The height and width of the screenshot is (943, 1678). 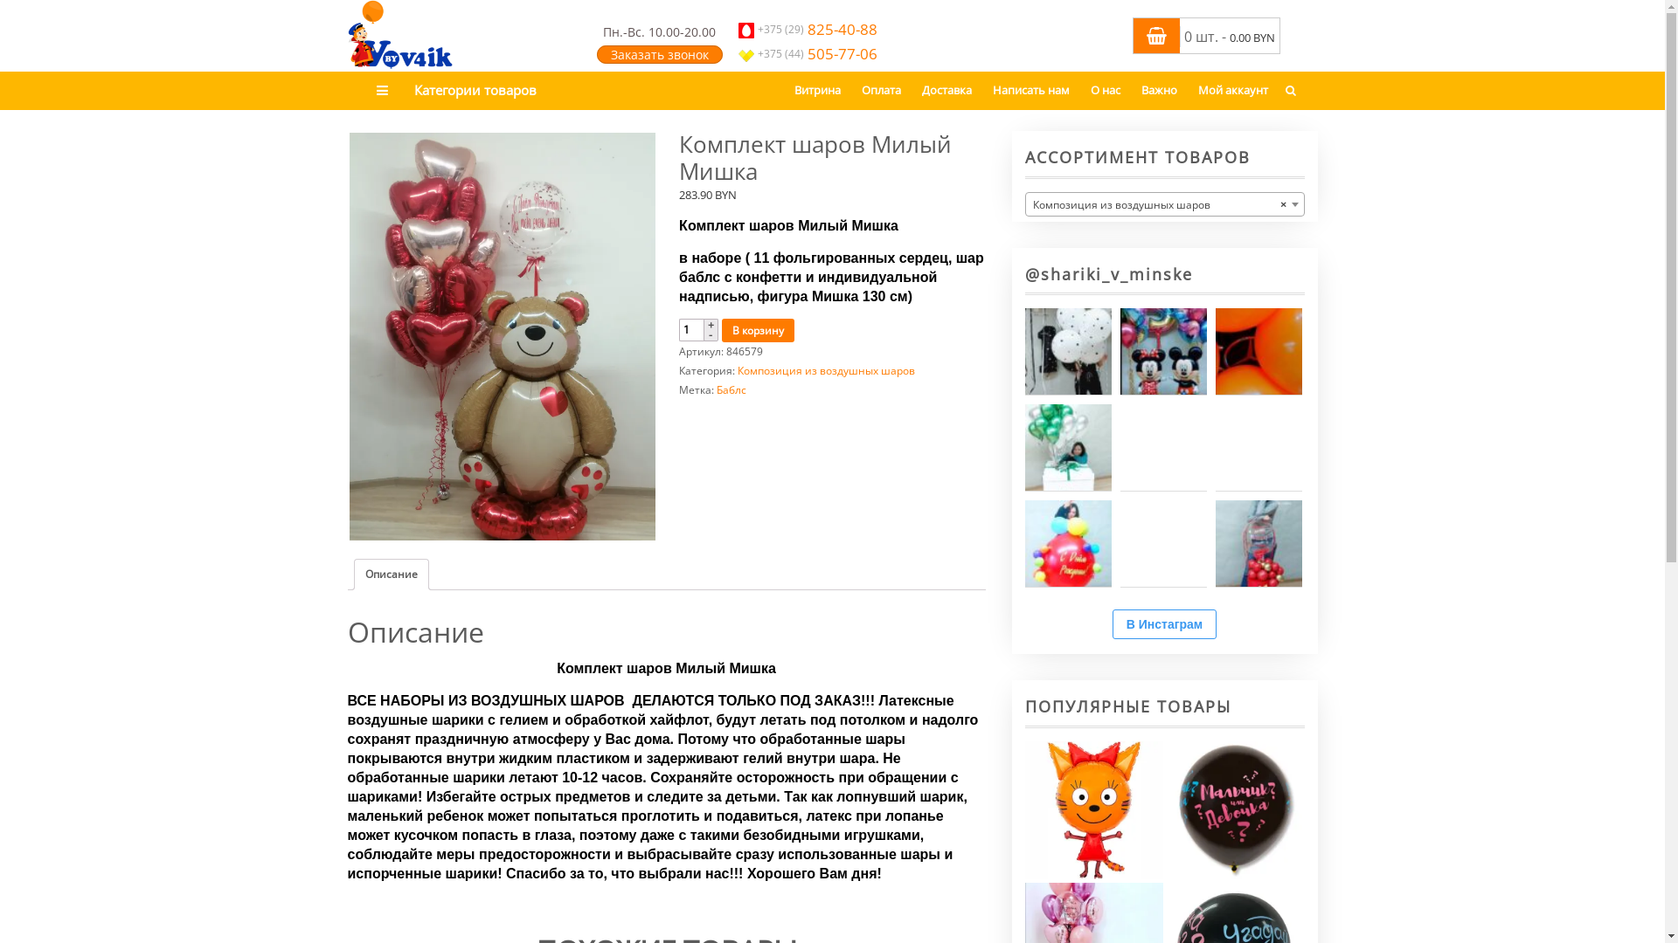 I want to click on '+375 (44) 505-77-06', so click(x=738, y=52).